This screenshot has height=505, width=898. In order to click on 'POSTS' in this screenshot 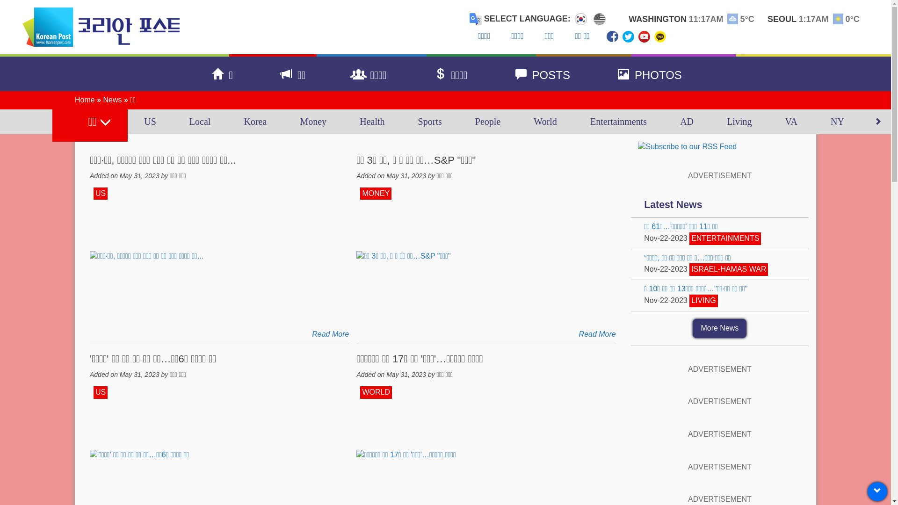, I will do `click(541, 73)`.